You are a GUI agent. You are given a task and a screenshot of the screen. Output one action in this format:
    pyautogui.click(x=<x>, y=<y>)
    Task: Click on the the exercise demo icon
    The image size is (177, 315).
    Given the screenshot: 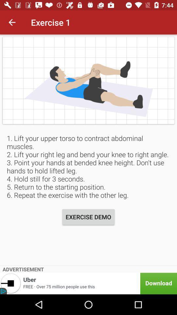 What is the action you would take?
    pyautogui.click(x=88, y=217)
    